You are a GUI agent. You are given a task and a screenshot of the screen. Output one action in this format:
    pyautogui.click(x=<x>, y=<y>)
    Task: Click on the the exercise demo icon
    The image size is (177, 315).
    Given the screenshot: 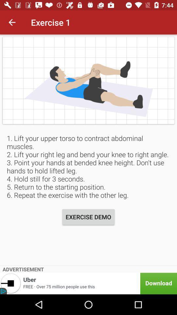 What is the action you would take?
    pyautogui.click(x=88, y=217)
    